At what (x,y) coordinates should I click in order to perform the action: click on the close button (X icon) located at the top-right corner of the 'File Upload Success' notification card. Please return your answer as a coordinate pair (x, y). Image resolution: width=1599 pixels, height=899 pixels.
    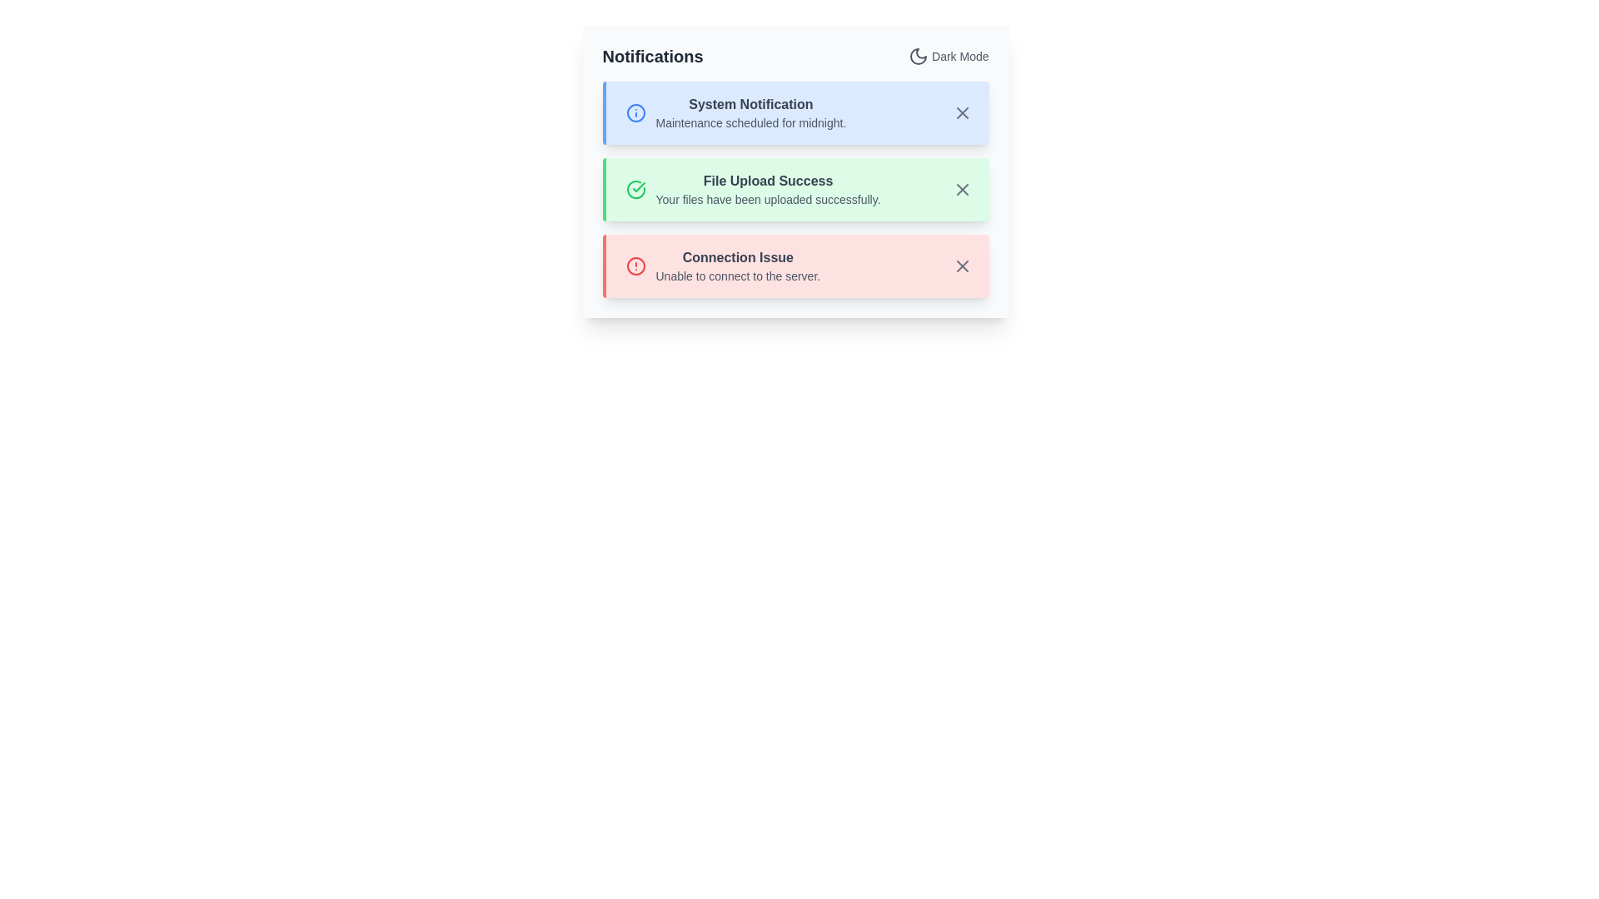
    Looking at the image, I should click on (962, 188).